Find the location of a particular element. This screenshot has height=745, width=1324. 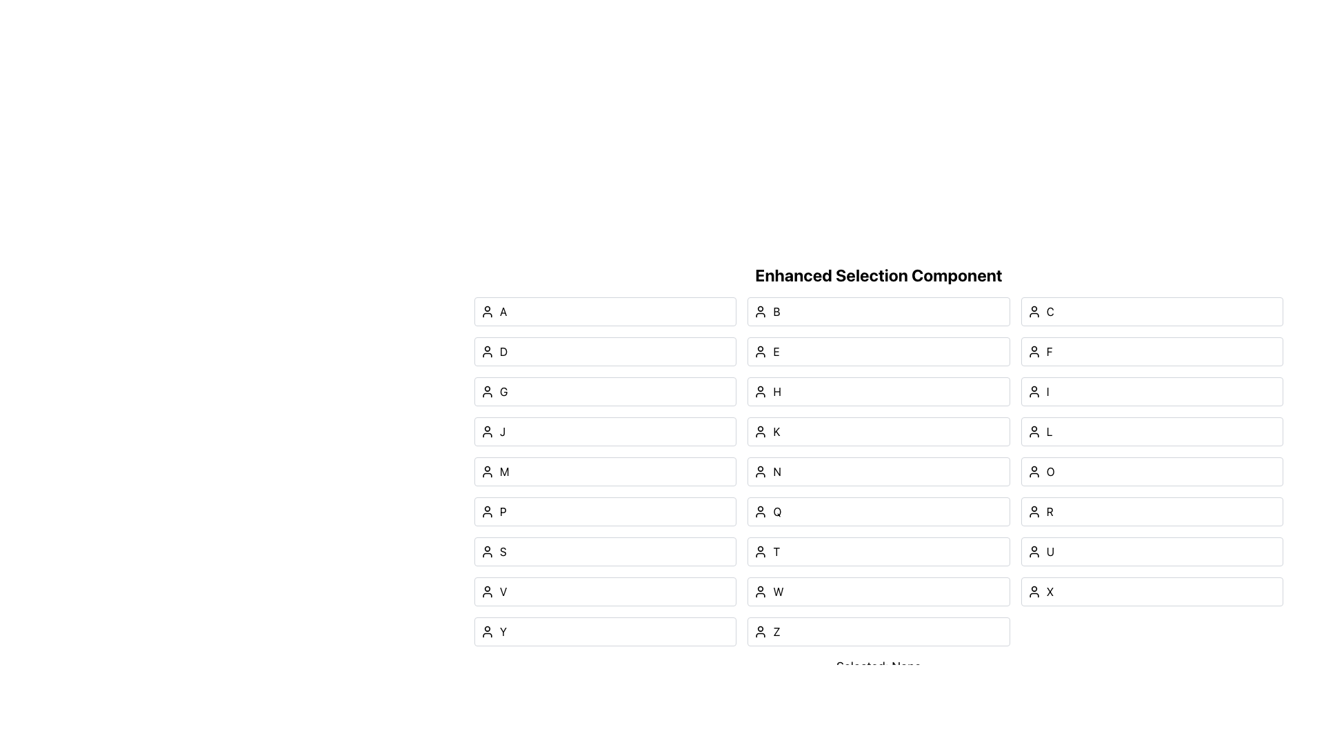

the user icon represented by a simplistic silhouette of a person, located at the left side of the 'W' column entry in the Enhanced Selection Component interface is located at coordinates (760, 590).